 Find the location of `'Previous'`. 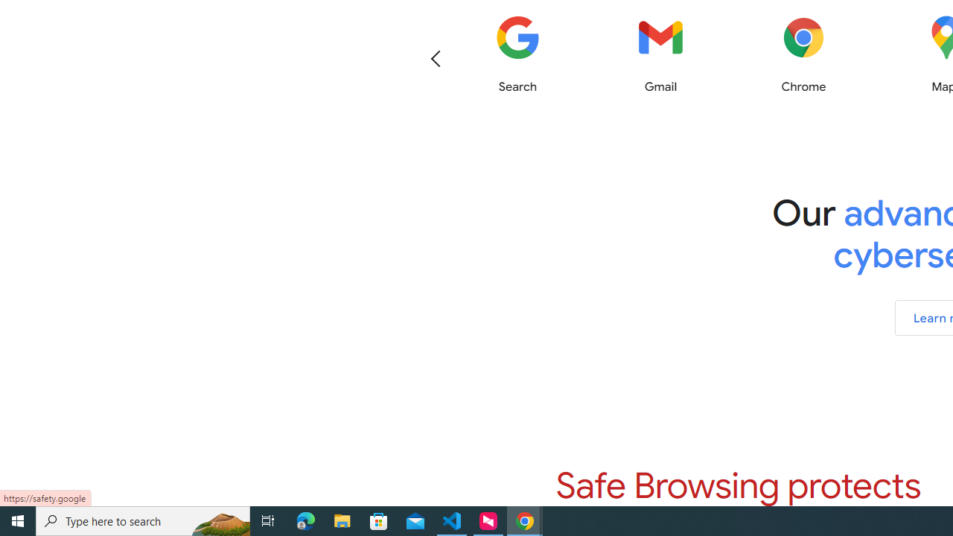

'Previous' is located at coordinates (435, 57).